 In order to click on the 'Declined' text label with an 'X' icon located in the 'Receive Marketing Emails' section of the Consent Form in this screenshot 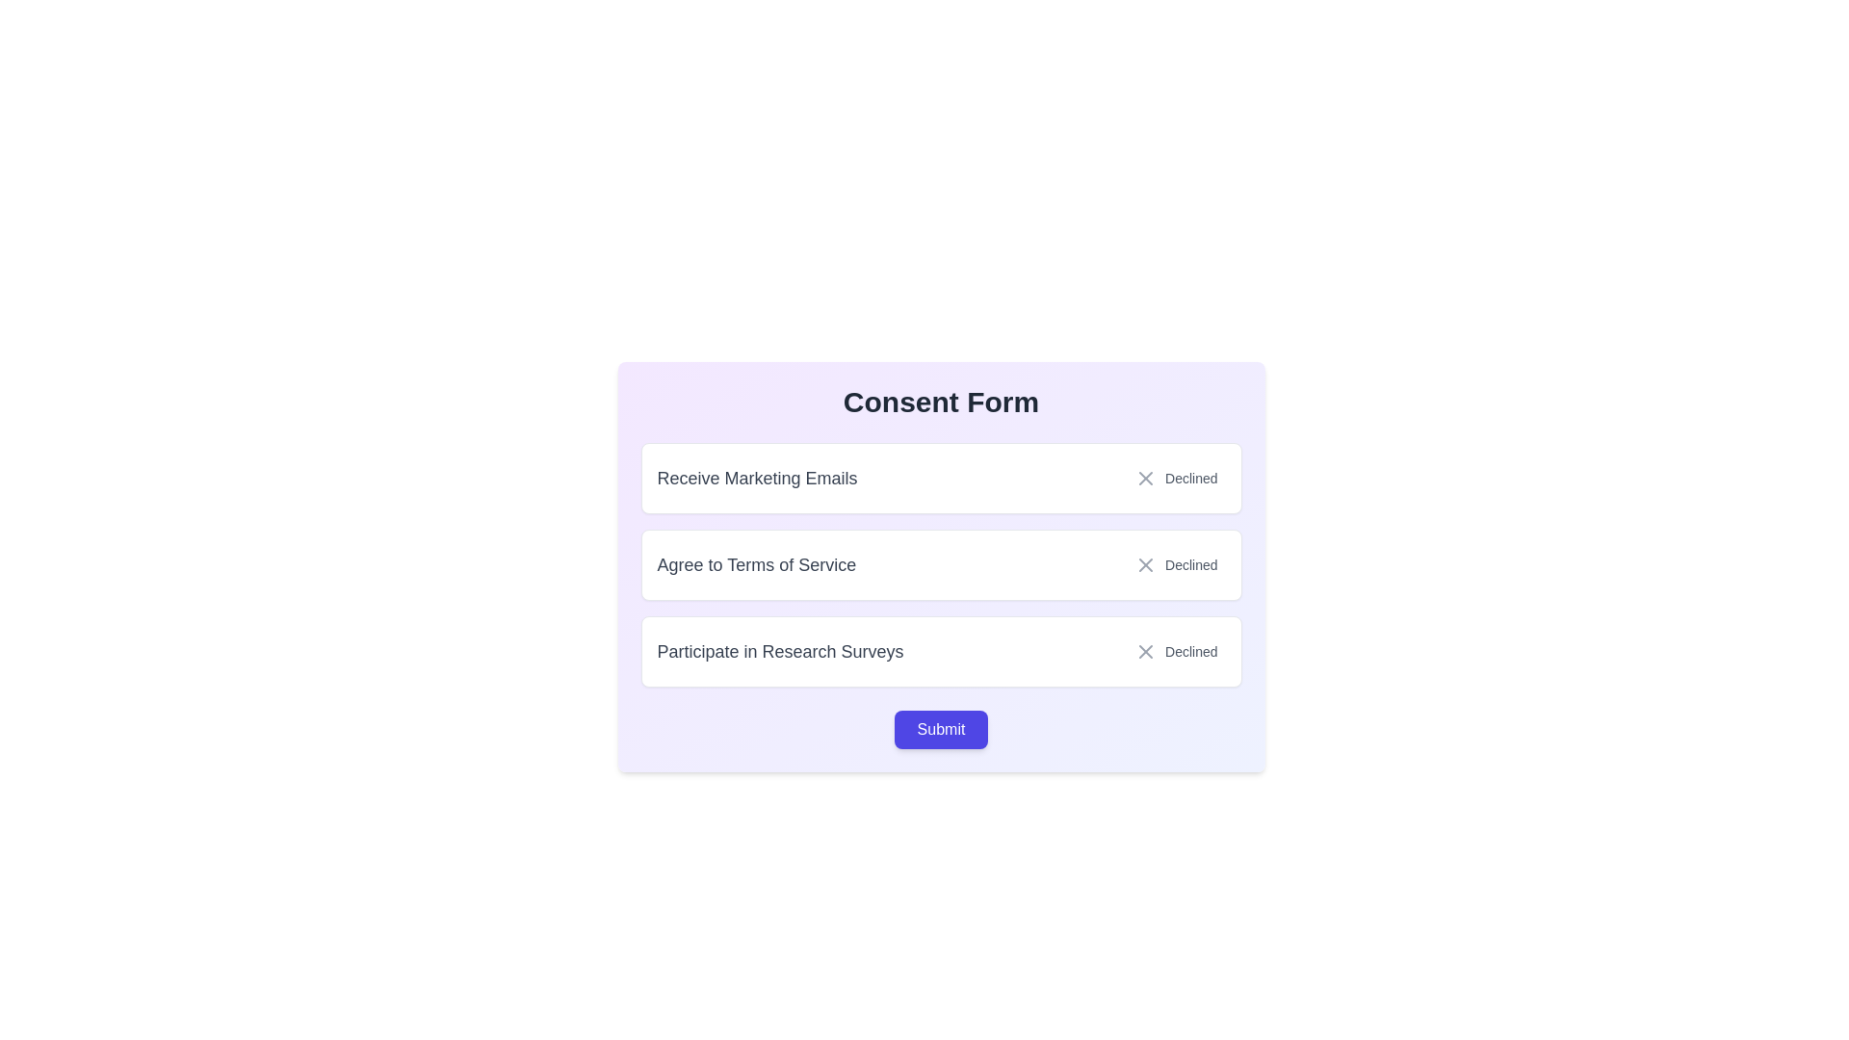, I will do `click(1175, 478)`.